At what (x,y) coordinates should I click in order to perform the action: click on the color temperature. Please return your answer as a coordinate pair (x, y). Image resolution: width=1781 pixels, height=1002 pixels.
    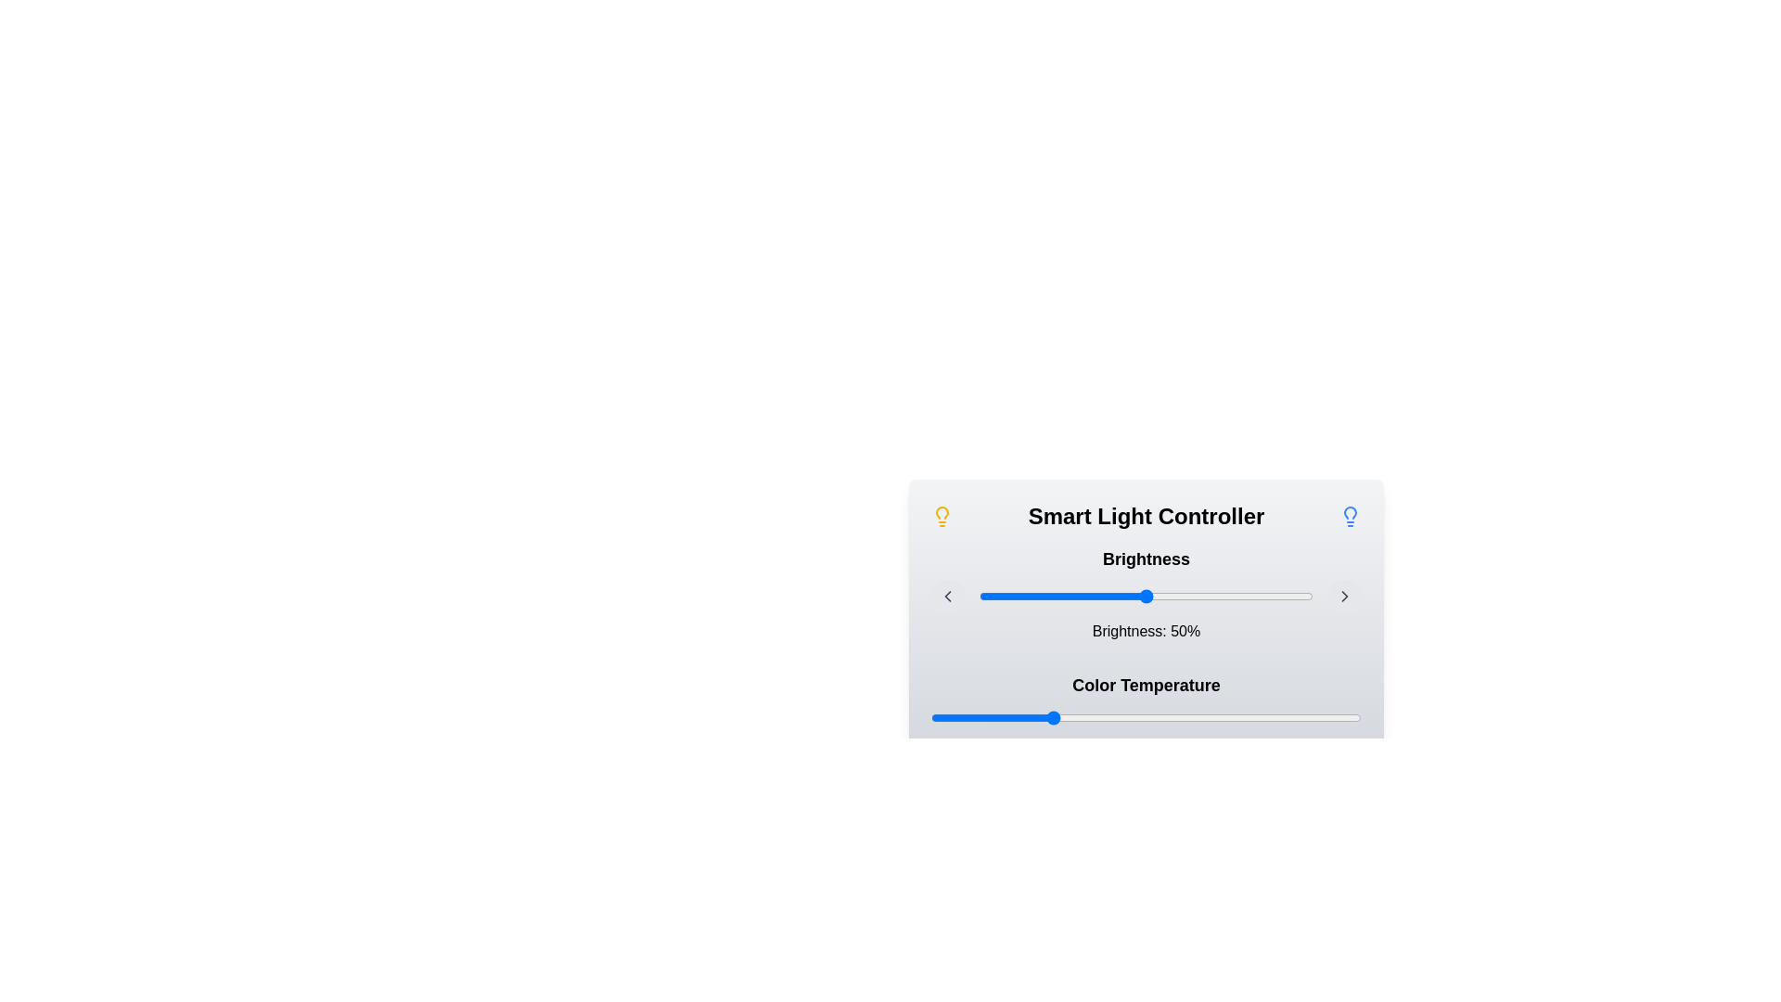
    Looking at the image, I should click on (1327, 717).